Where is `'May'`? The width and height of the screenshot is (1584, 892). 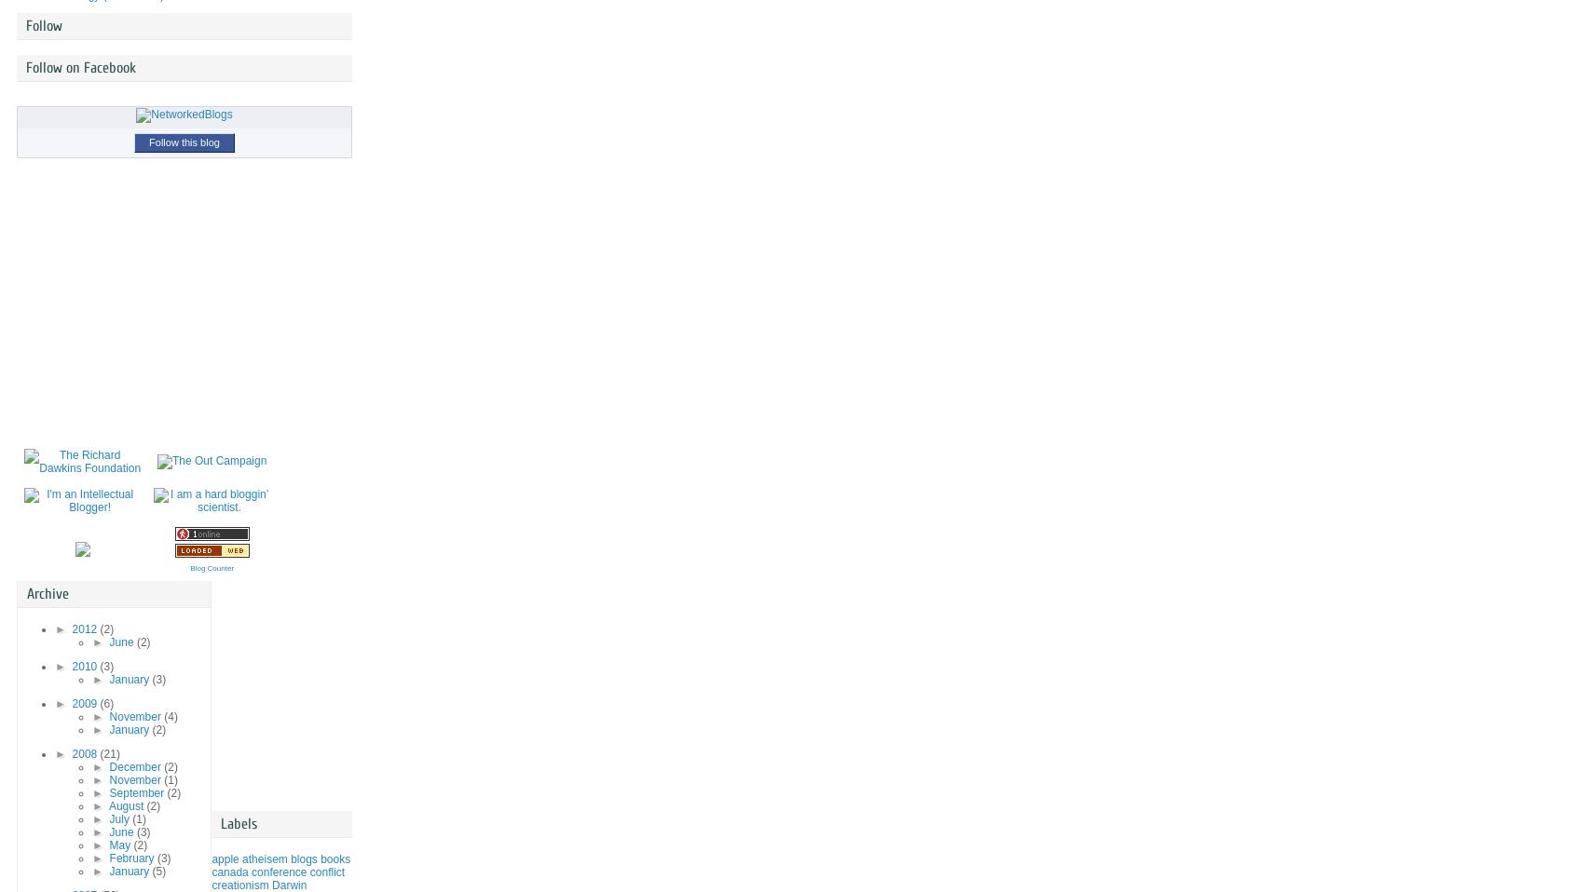
'May' is located at coordinates (120, 845).